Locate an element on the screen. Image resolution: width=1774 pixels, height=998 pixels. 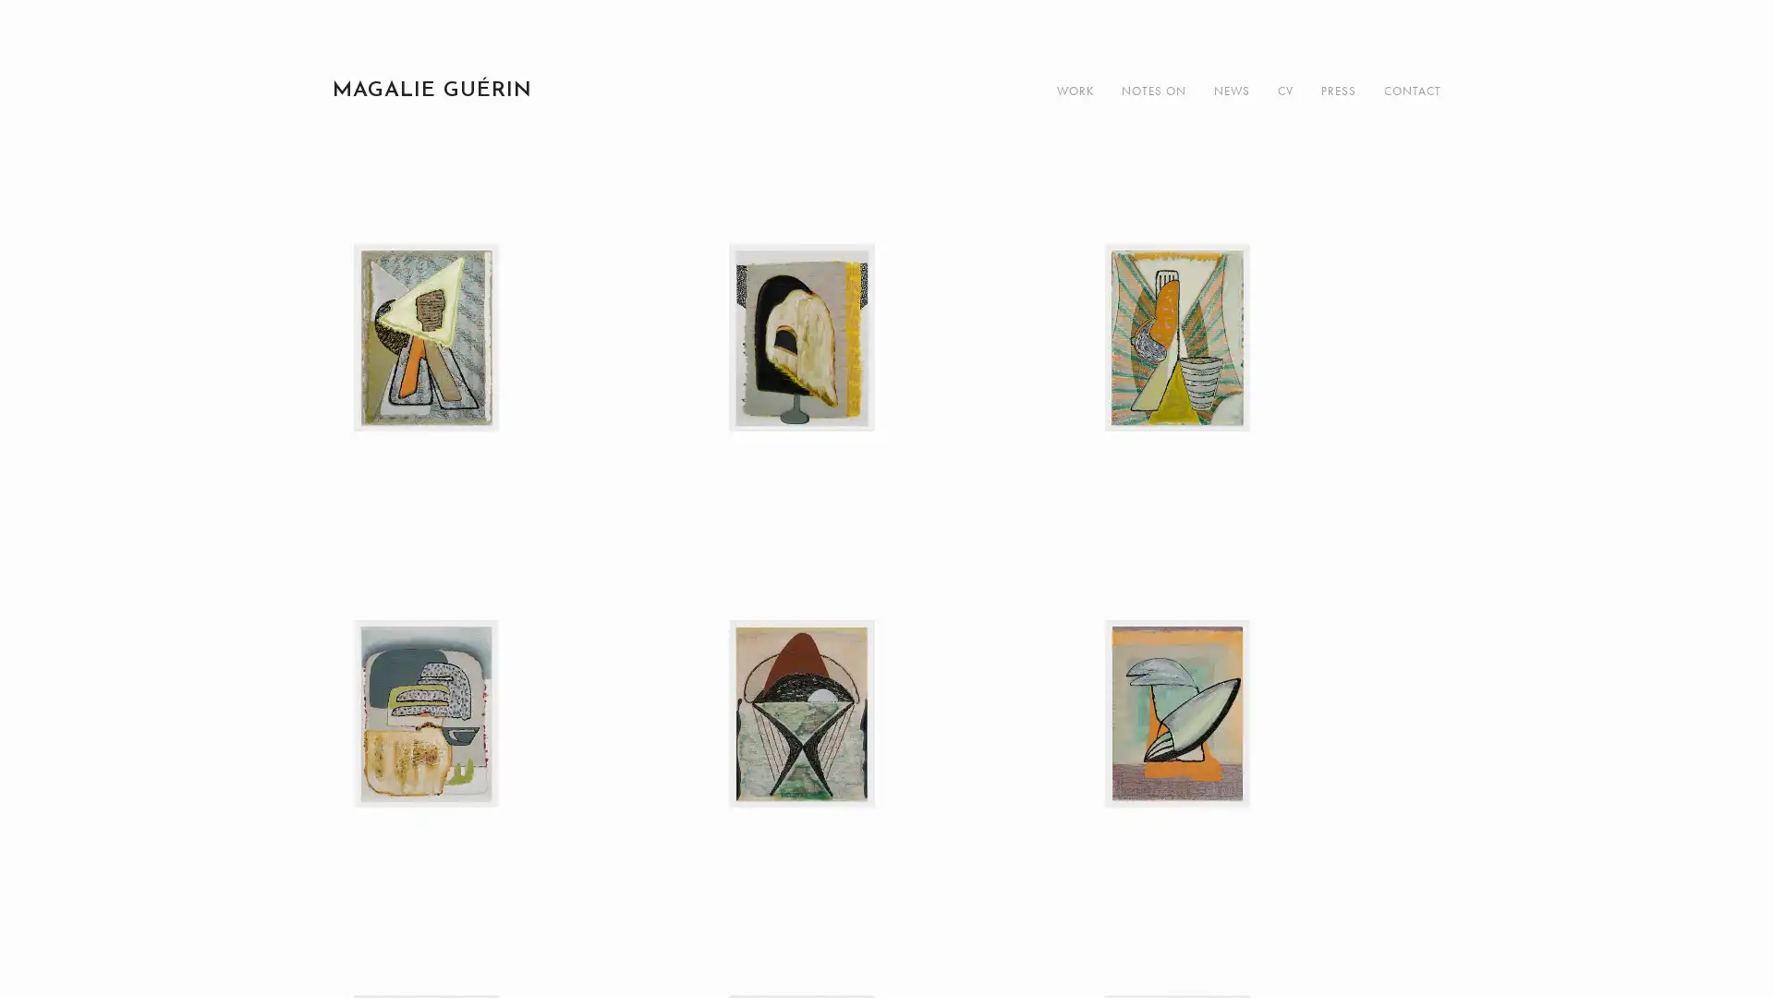
View fullsize Untitled (quarantine painting 03), 2020 is located at coordinates (1261, 421).